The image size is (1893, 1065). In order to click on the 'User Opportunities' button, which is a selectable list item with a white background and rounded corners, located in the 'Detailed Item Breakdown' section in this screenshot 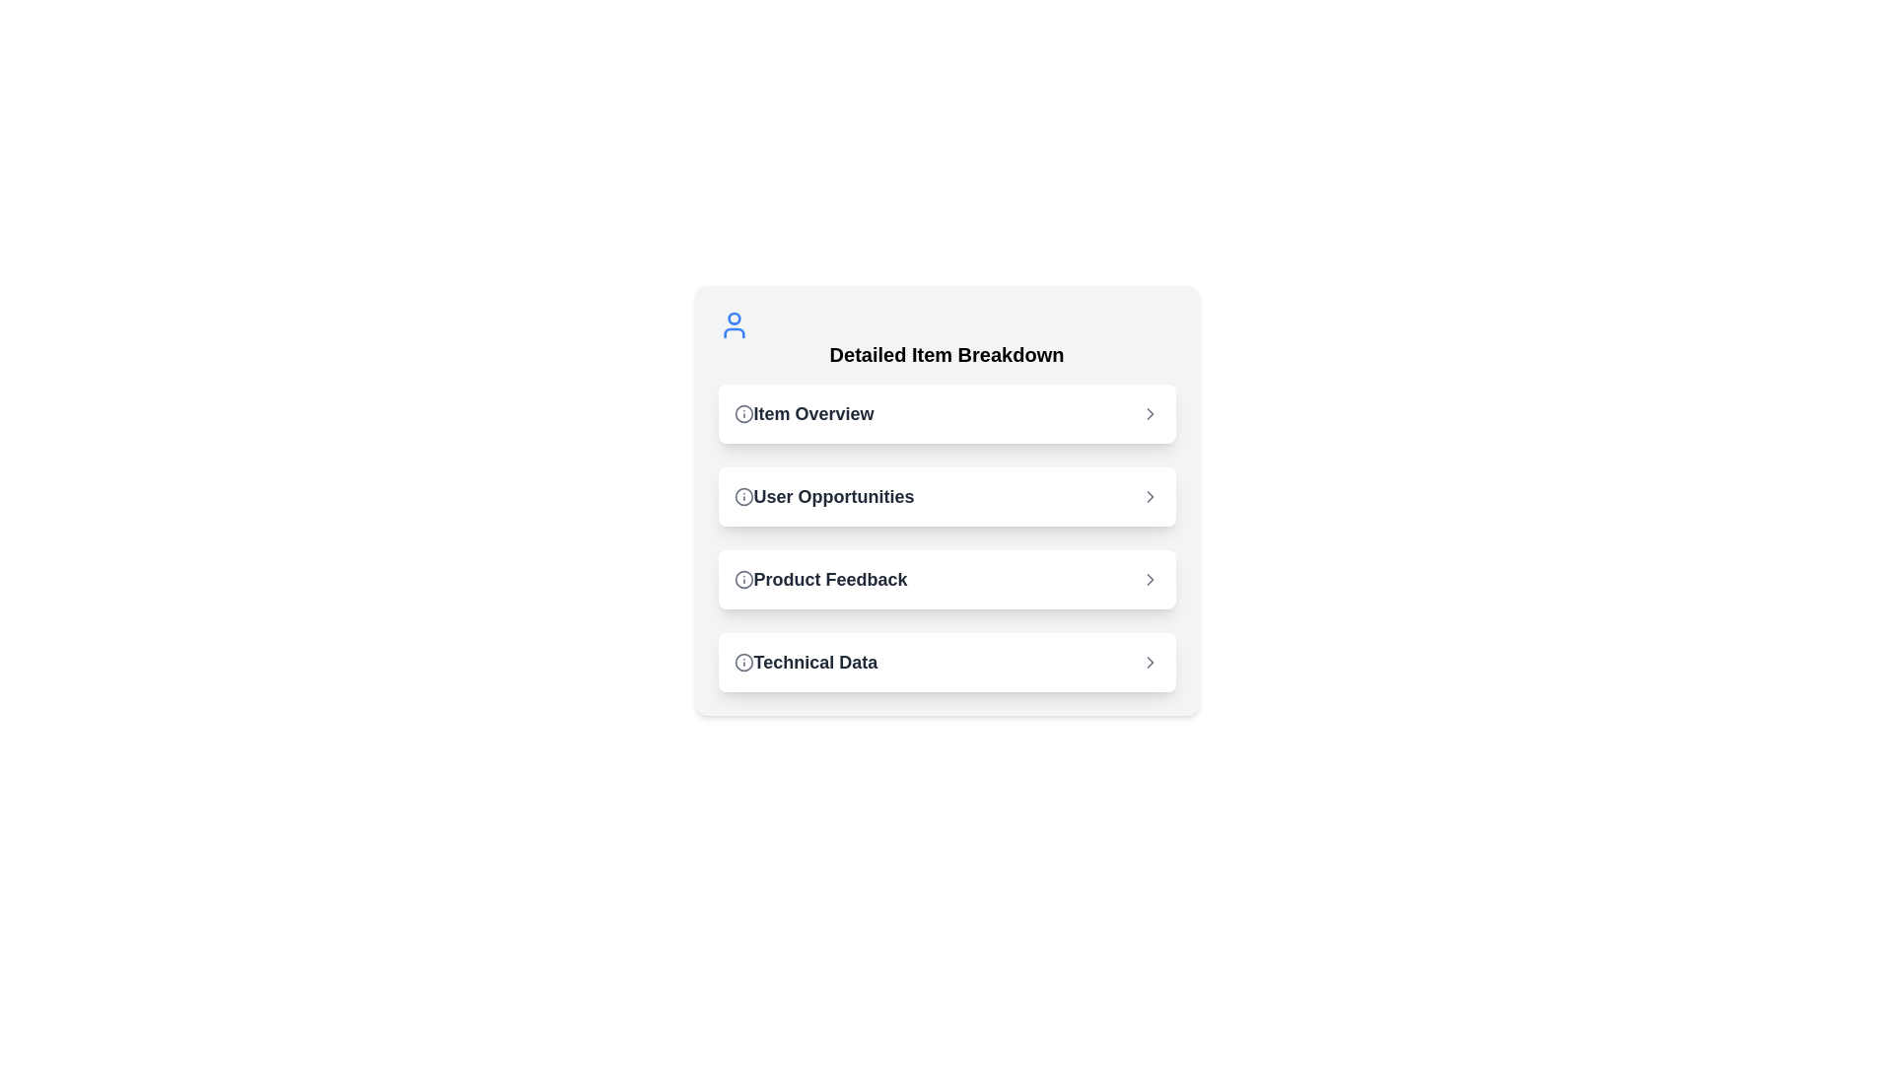, I will do `click(946, 496)`.